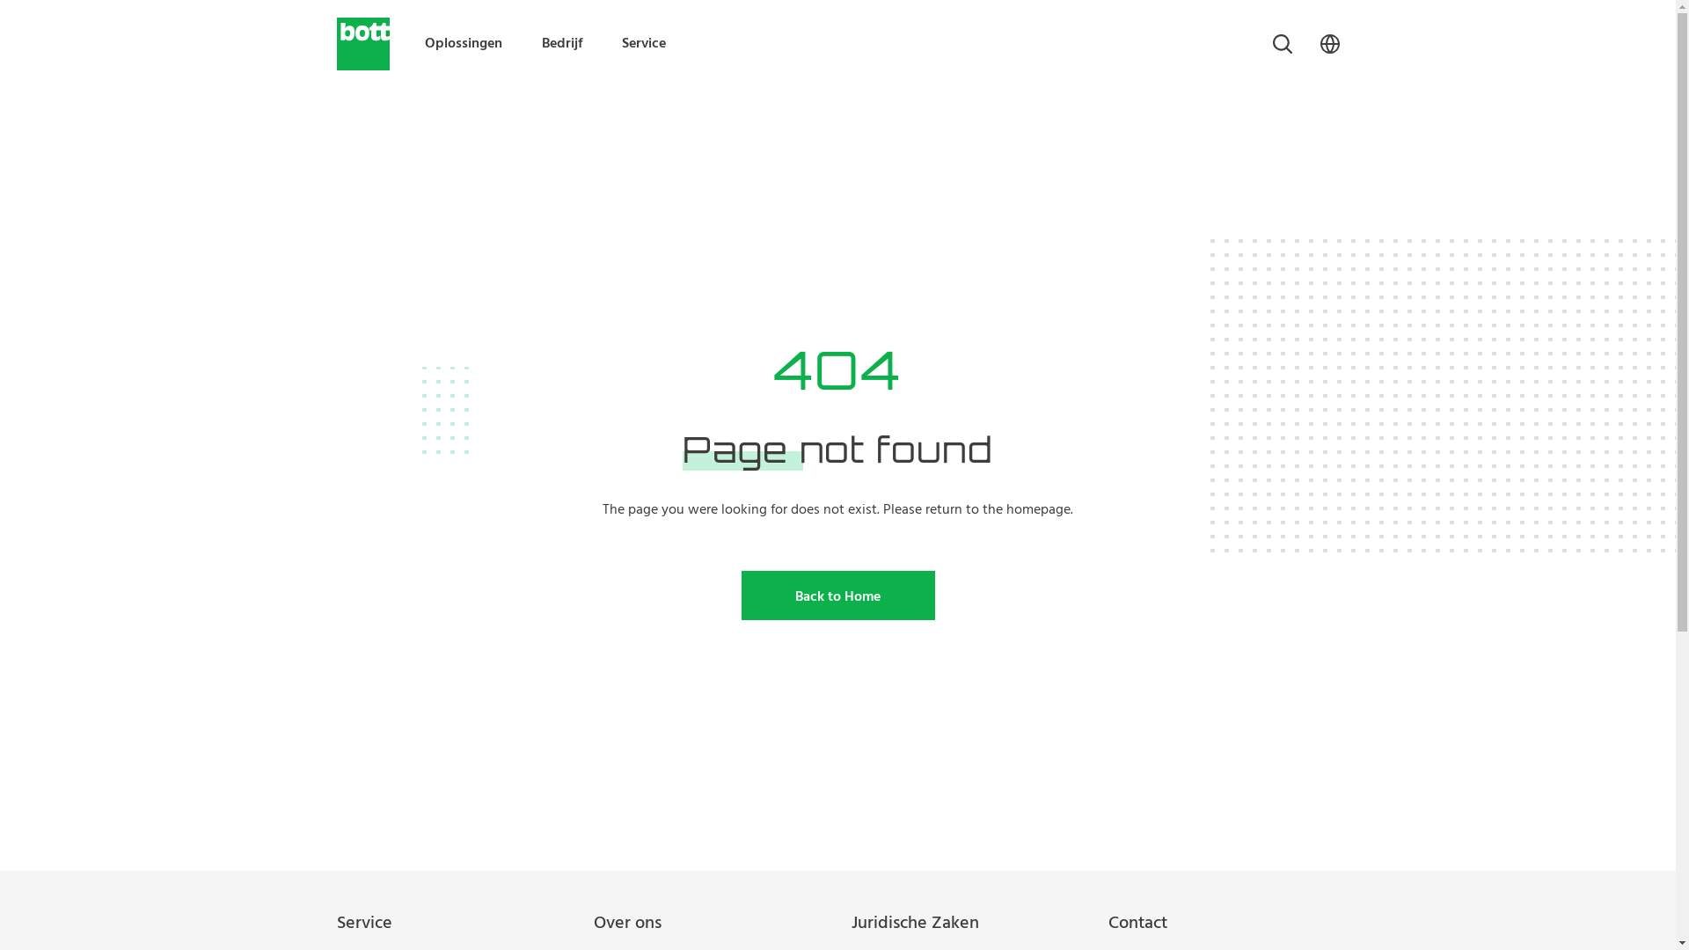 Image resolution: width=1689 pixels, height=950 pixels. Describe the element at coordinates (463, 43) in the screenshot. I see `'Oplossingen'` at that location.